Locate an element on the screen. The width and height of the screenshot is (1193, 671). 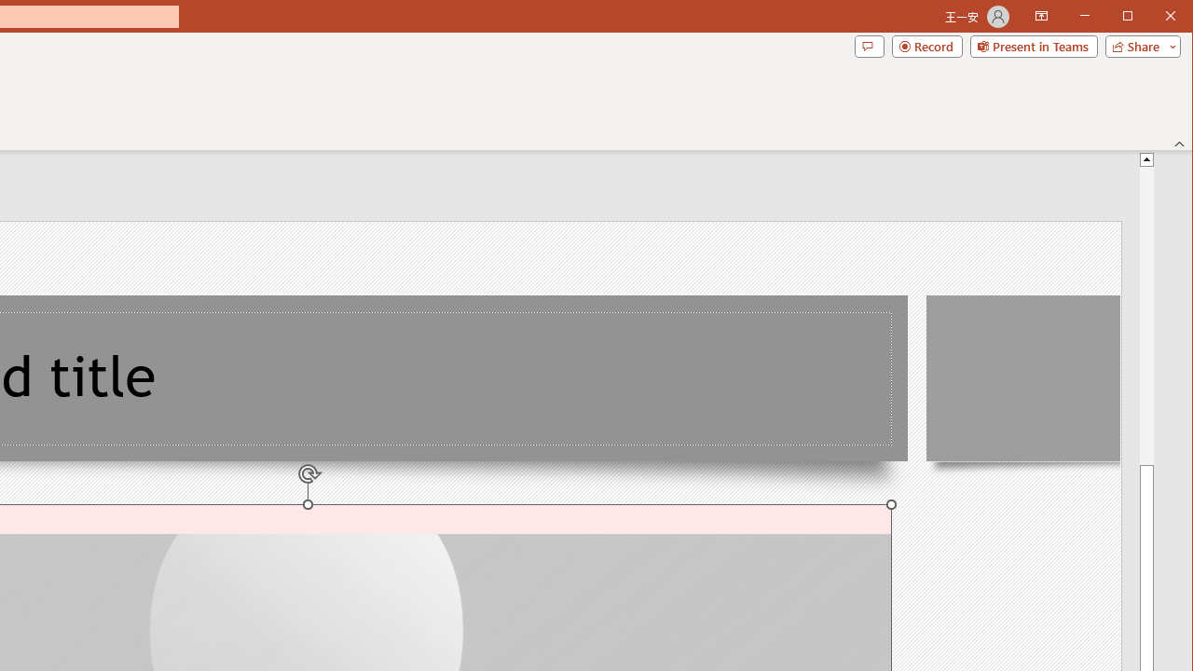
'Close' is located at coordinates (1174, 18).